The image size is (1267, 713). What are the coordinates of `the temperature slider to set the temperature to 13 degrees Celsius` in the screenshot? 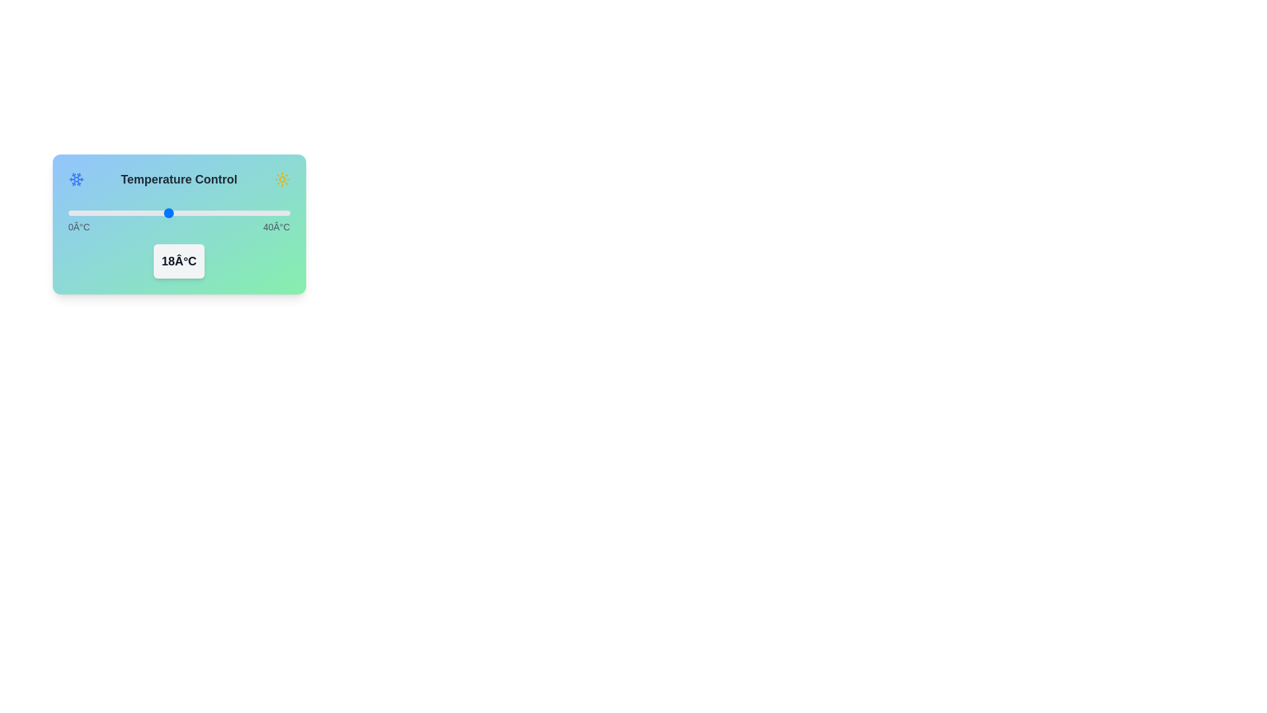 It's located at (140, 213).